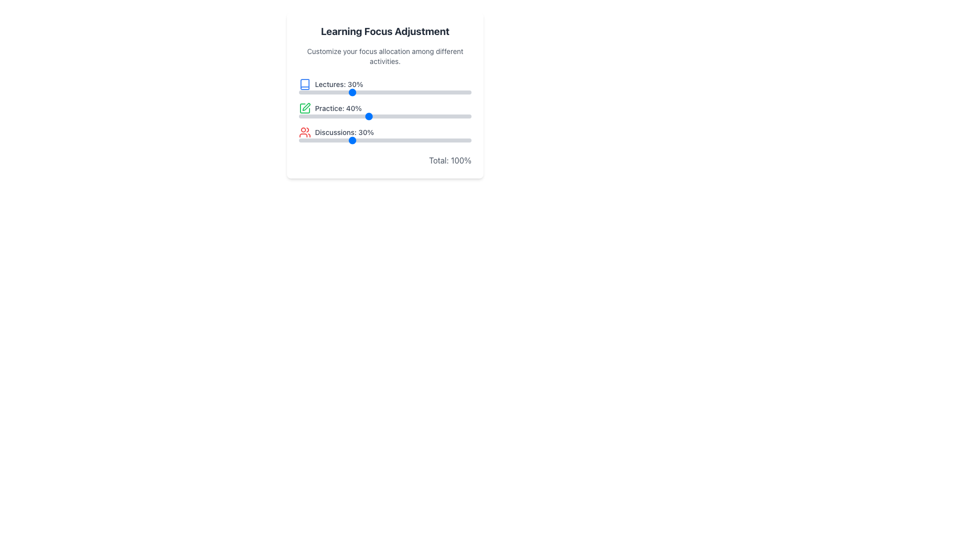 The width and height of the screenshot is (960, 540). Describe the element at coordinates (372, 115) in the screenshot. I see `the 'Practice' slider` at that location.